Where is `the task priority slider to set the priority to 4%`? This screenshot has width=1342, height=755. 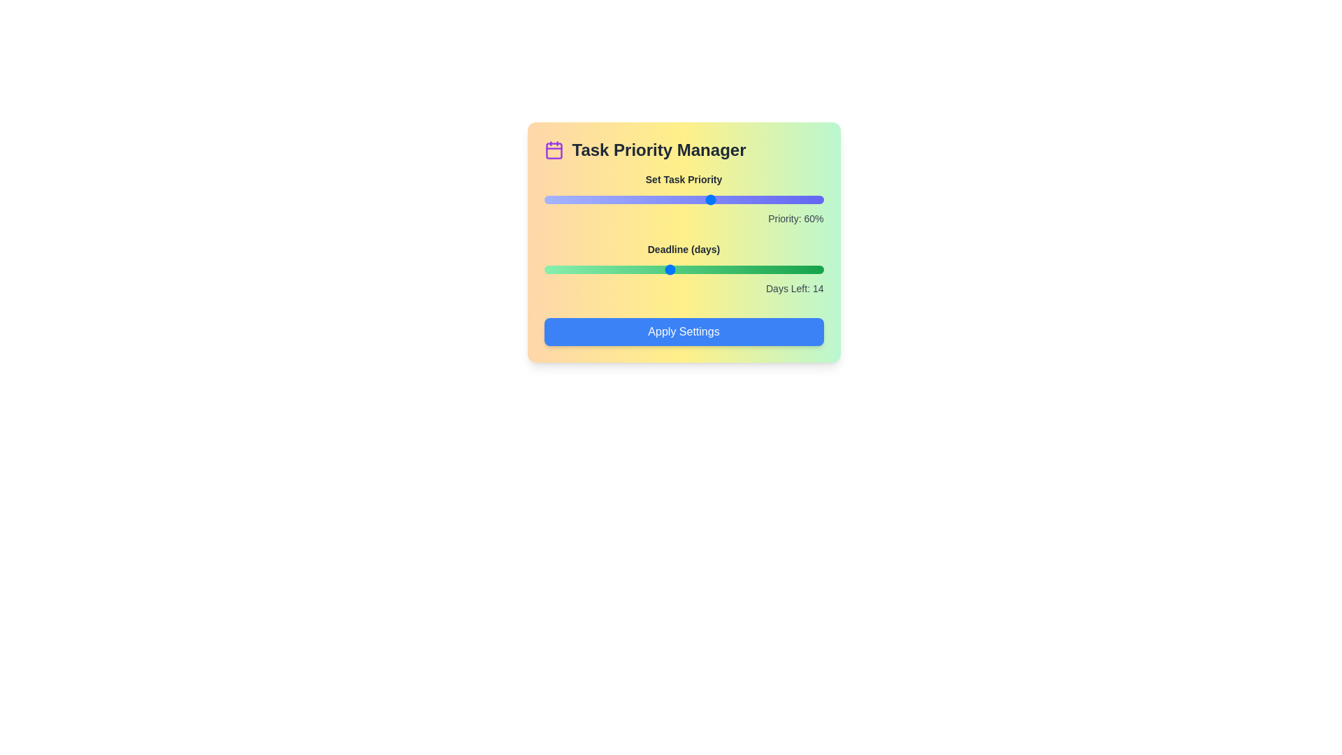 the task priority slider to set the priority to 4% is located at coordinates (554, 199).